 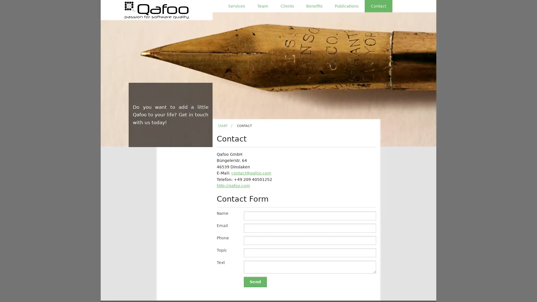 I want to click on Send, so click(x=255, y=282).